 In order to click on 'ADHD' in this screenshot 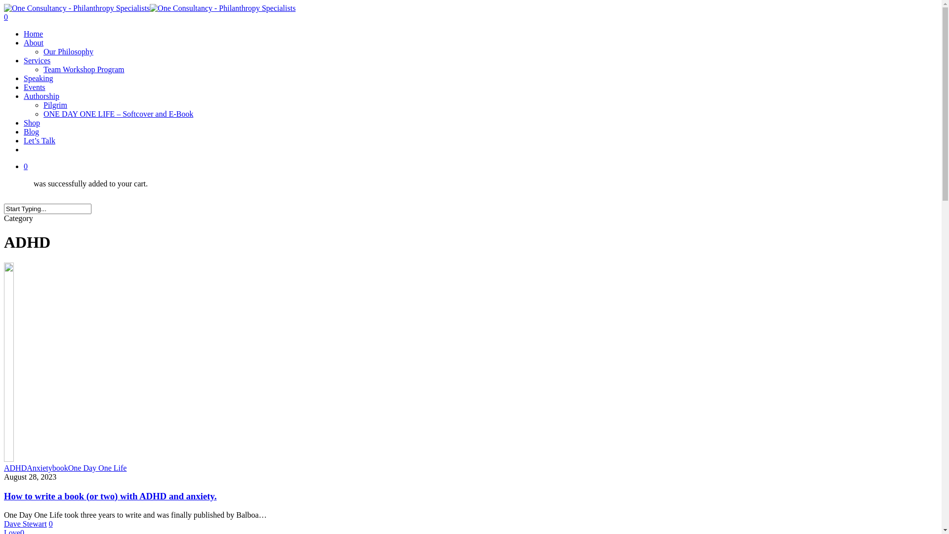, I will do `click(4, 467)`.